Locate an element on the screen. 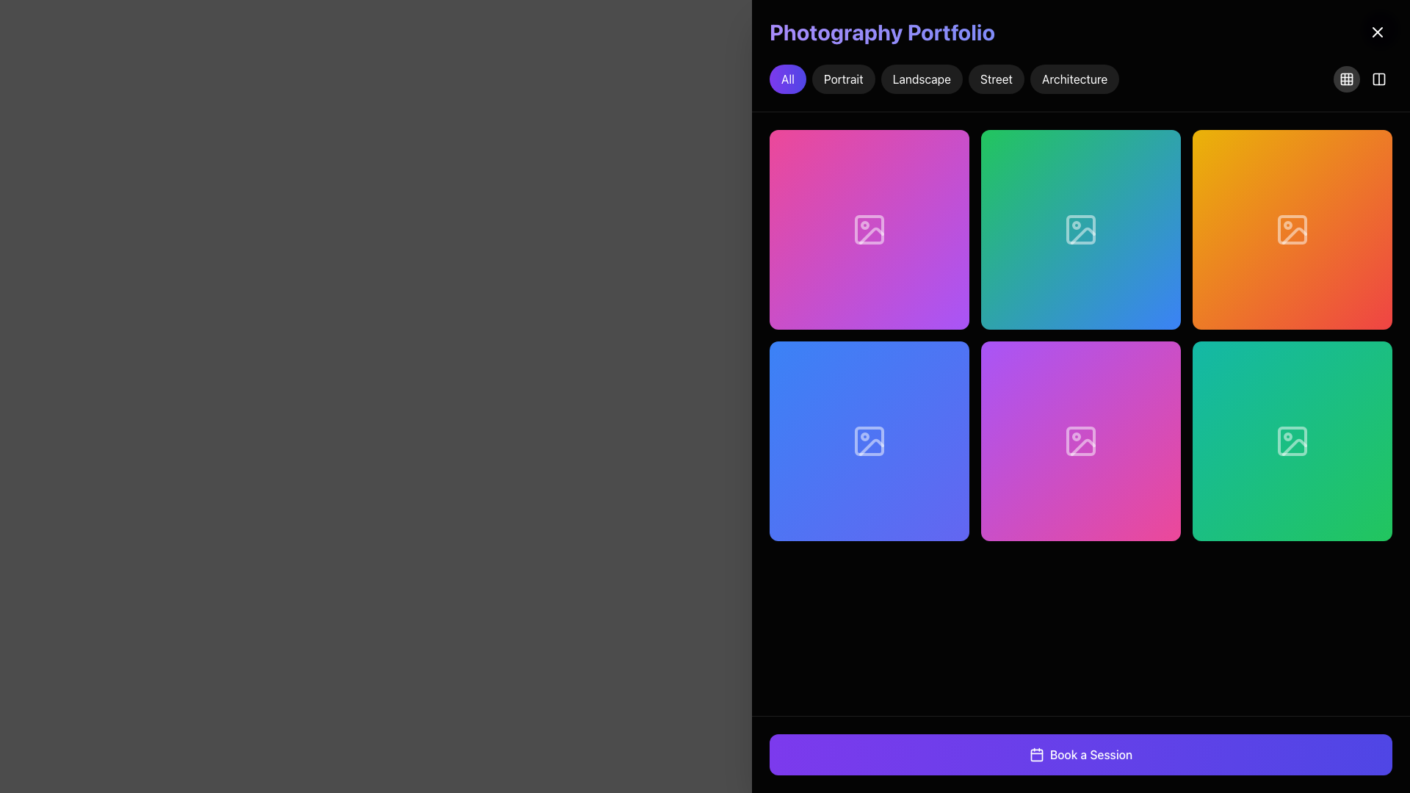 The height and width of the screenshot is (793, 1410). the decorative white rectangle located at the top right corner of the grid layout, which is centered within an orange square tile is located at coordinates (1292, 229).